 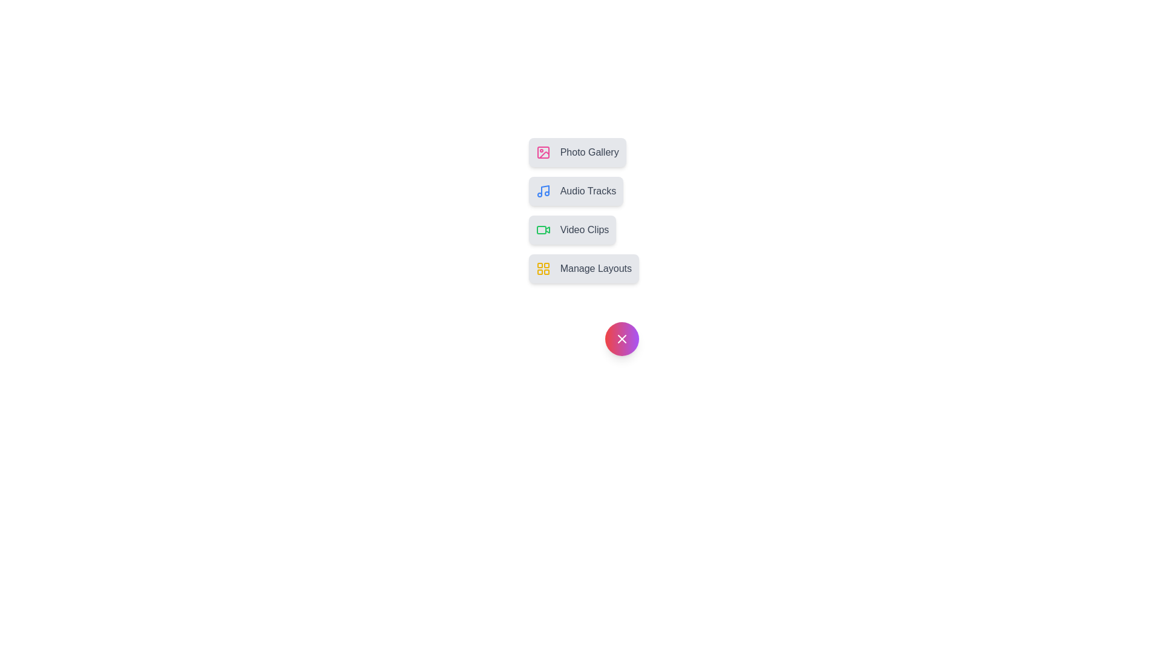 I want to click on the close or cancel icon located centrally within the circular button at the lower part of the interface, so click(x=622, y=339).